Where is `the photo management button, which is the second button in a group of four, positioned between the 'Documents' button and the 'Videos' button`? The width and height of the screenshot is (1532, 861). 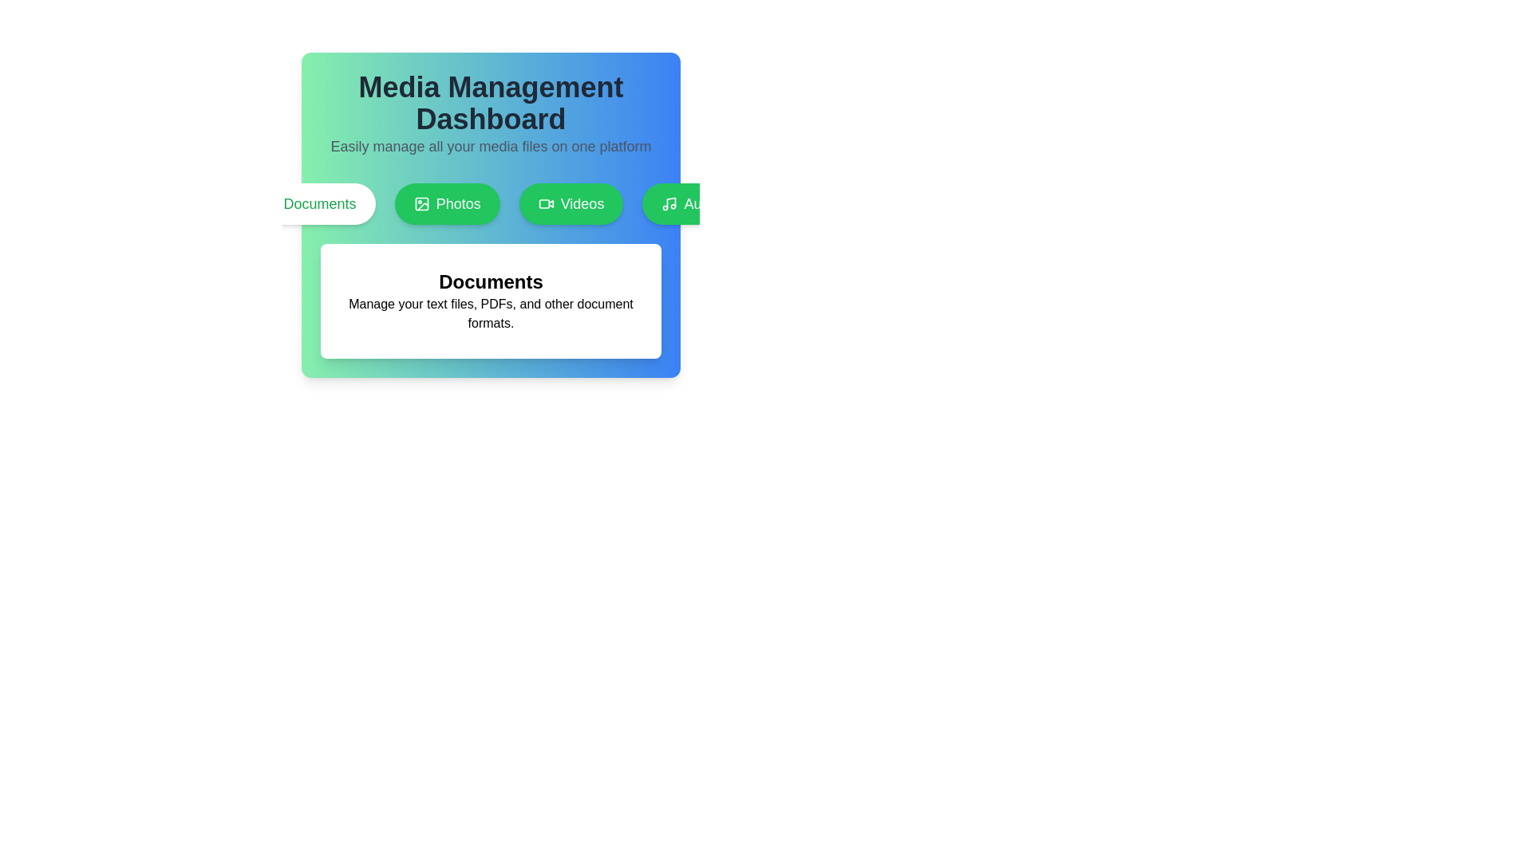
the photo management button, which is the second button in a group of four, positioned between the 'Documents' button and the 'Videos' button is located at coordinates (447, 202).